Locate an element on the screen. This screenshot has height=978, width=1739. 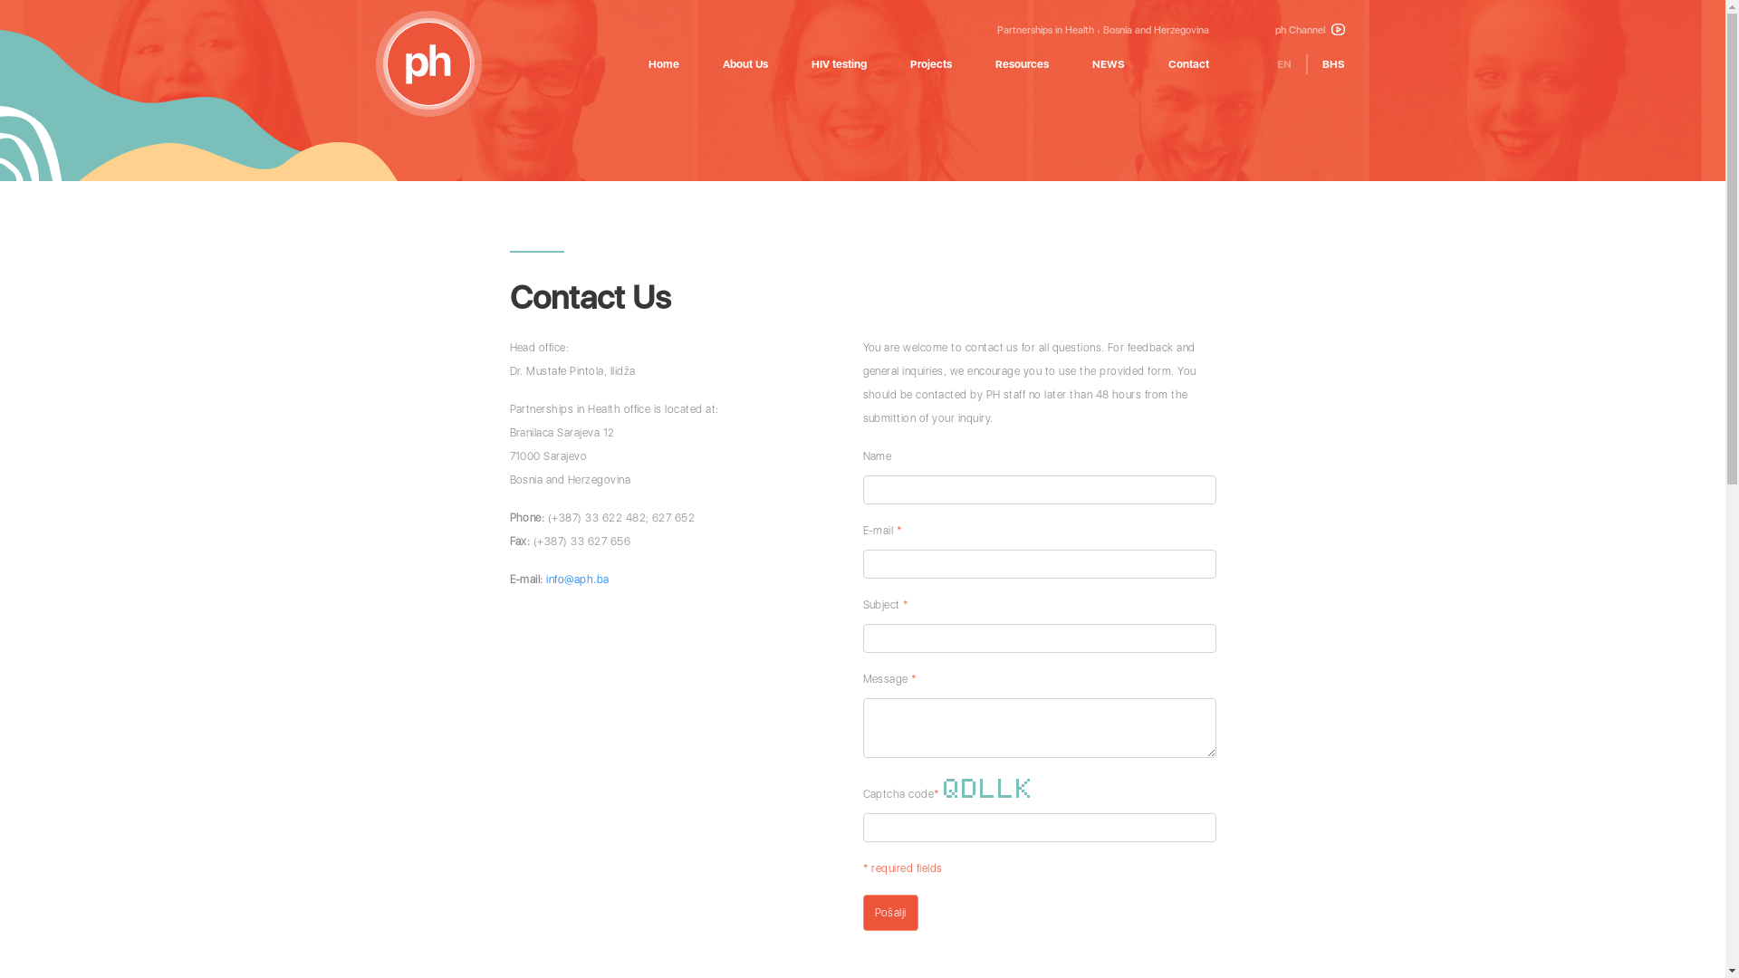
'About Us' is located at coordinates (745, 62).